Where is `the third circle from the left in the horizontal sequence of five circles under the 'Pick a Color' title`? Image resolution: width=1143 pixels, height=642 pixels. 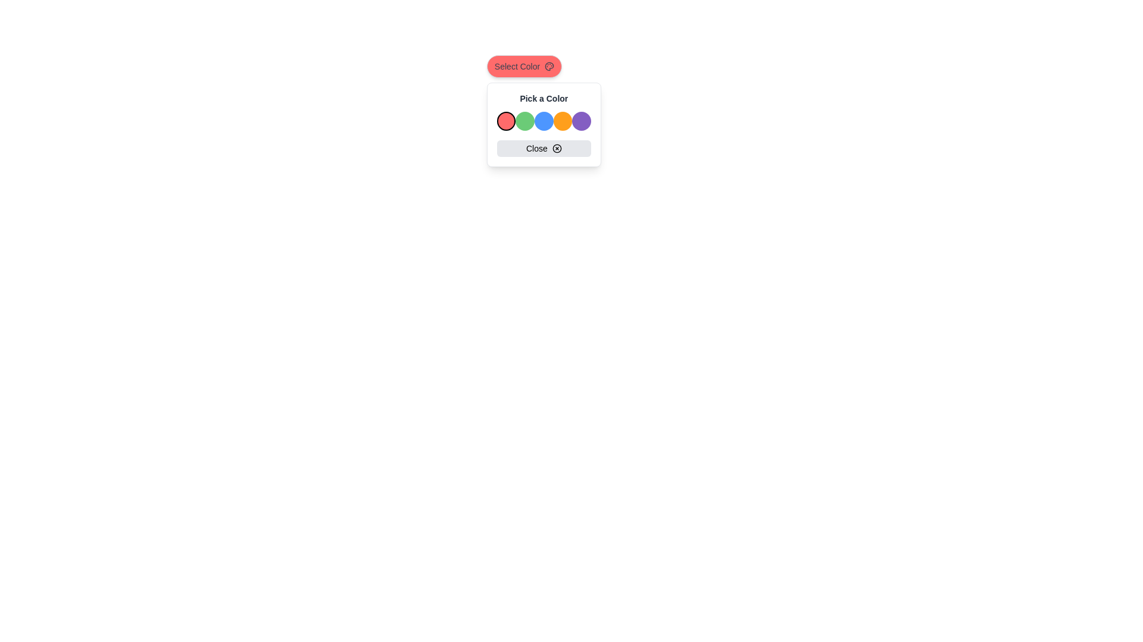 the third circle from the left in the horizontal sequence of five circles under the 'Pick a Color' title is located at coordinates (543, 121).